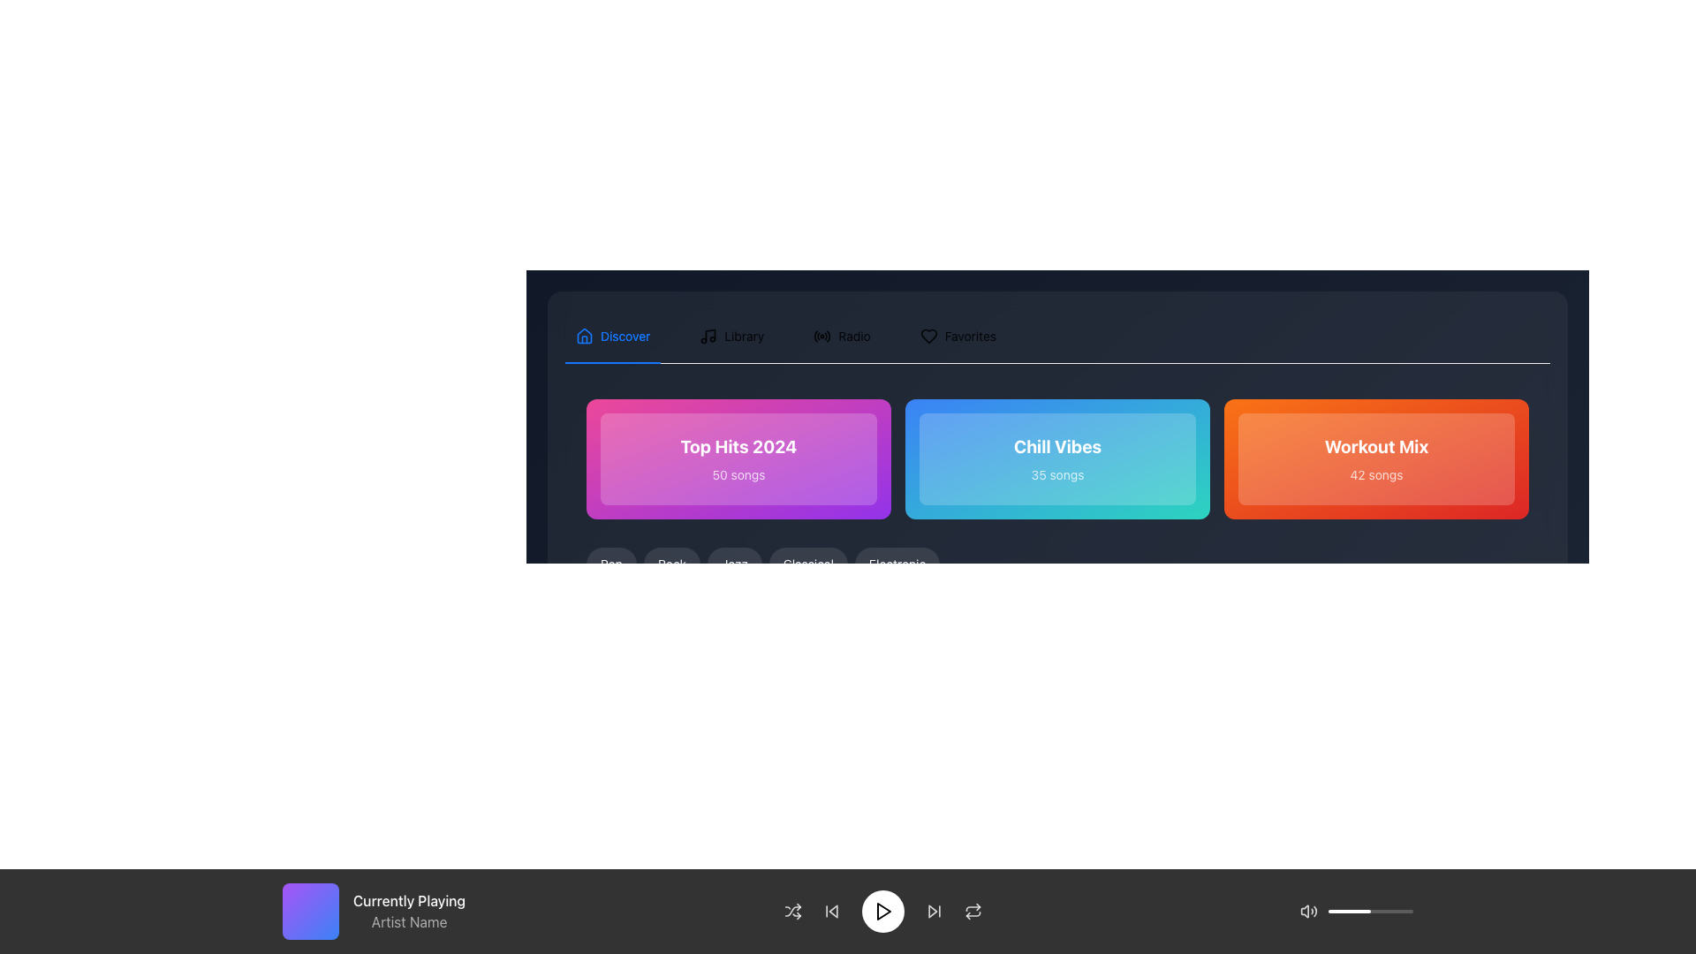 The width and height of the screenshot is (1696, 954). Describe the element at coordinates (972, 909) in the screenshot. I see `the curved line icon element, which is styled as part of an SVG and located at the bottom control bar between the forward navigation icon and the shuffle icon` at that location.